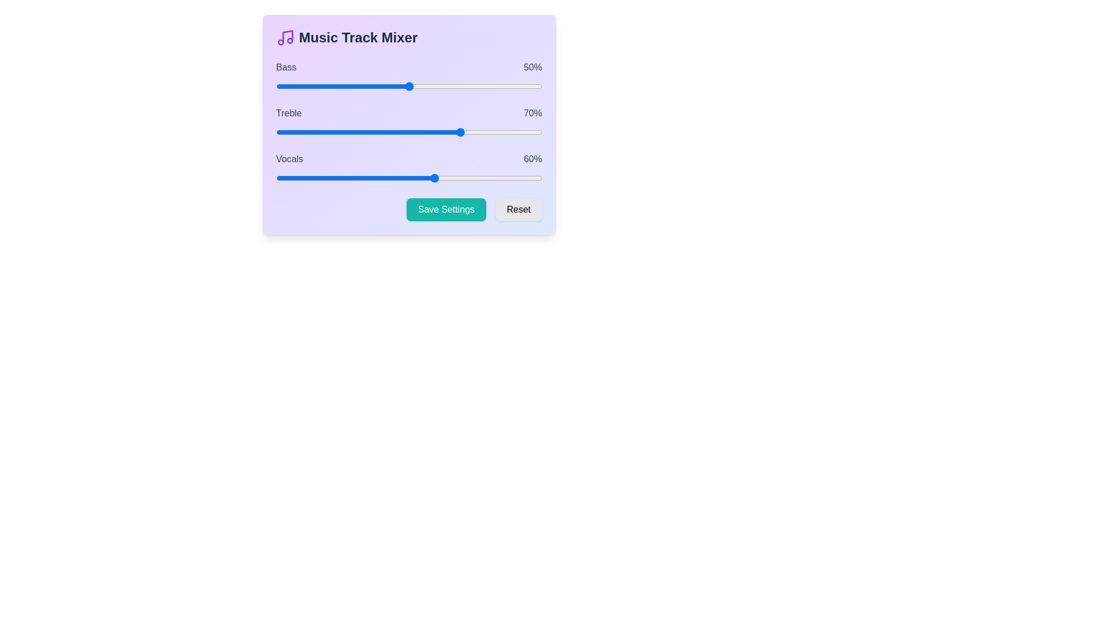 Image resolution: width=1101 pixels, height=619 pixels. I want to click on 'Save Settings' button to save the current settings, so click(446, 210).